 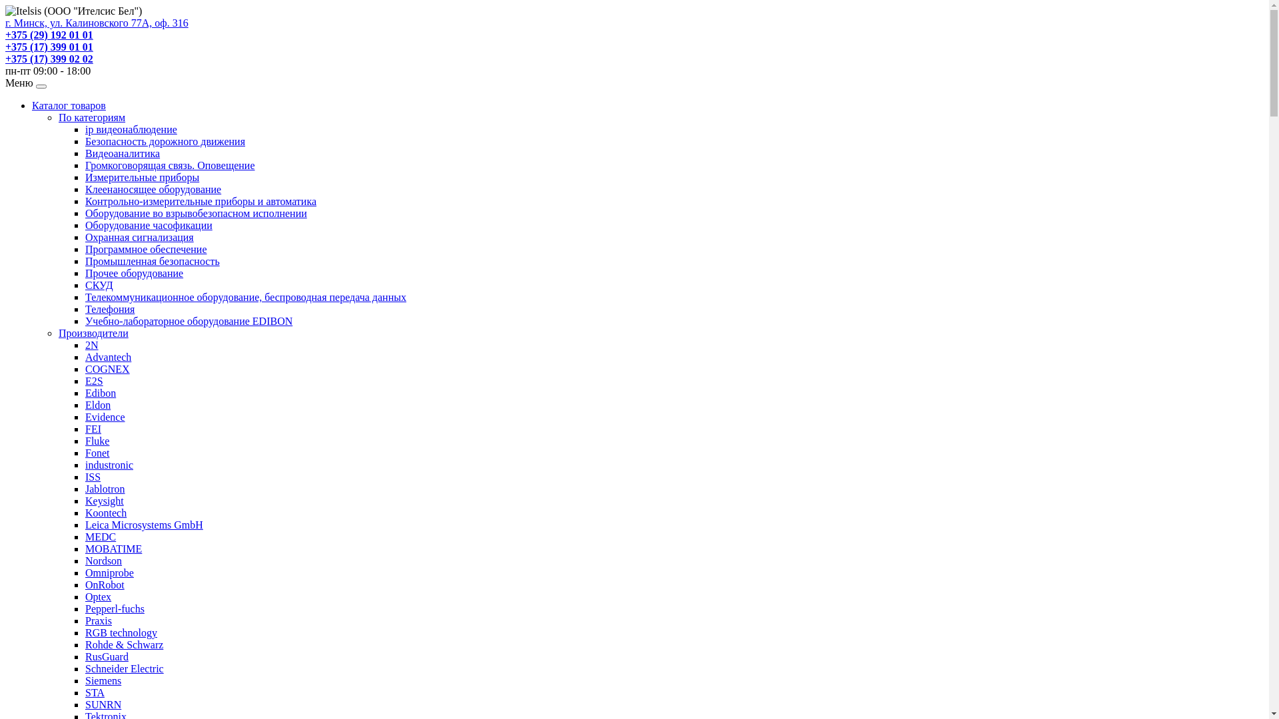 What do you see at coordinates (85, 501) in the screenshot?
I see `'Keysight'` at bounding box center [85, 501].